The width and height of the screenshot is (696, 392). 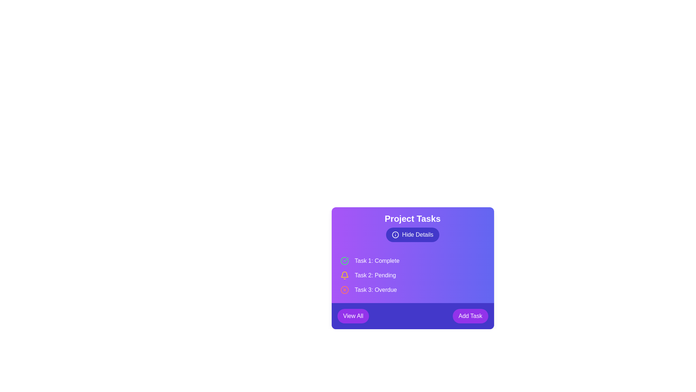 I want to click on the completion status icon for 'Task 1: Complete', located in the leftmost position of the horizontal group within the task list, so click(x=344, y=260).